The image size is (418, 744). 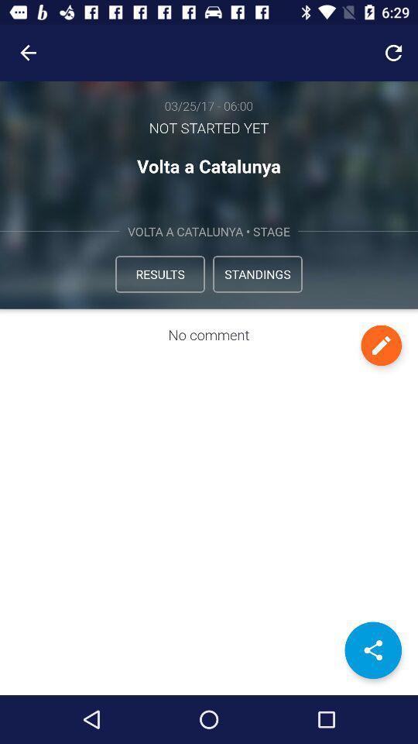 I want to click on comment, so click(x=380, y=345).